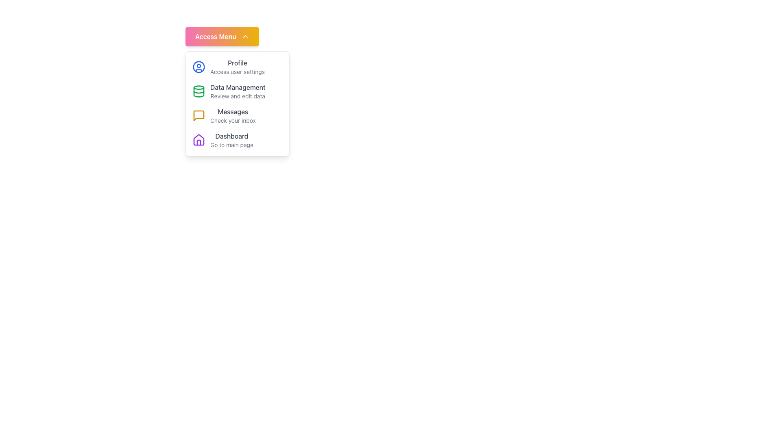  I want to click on the 'Profile' text-based menu item in the dropdown menu, so click(237, 67).